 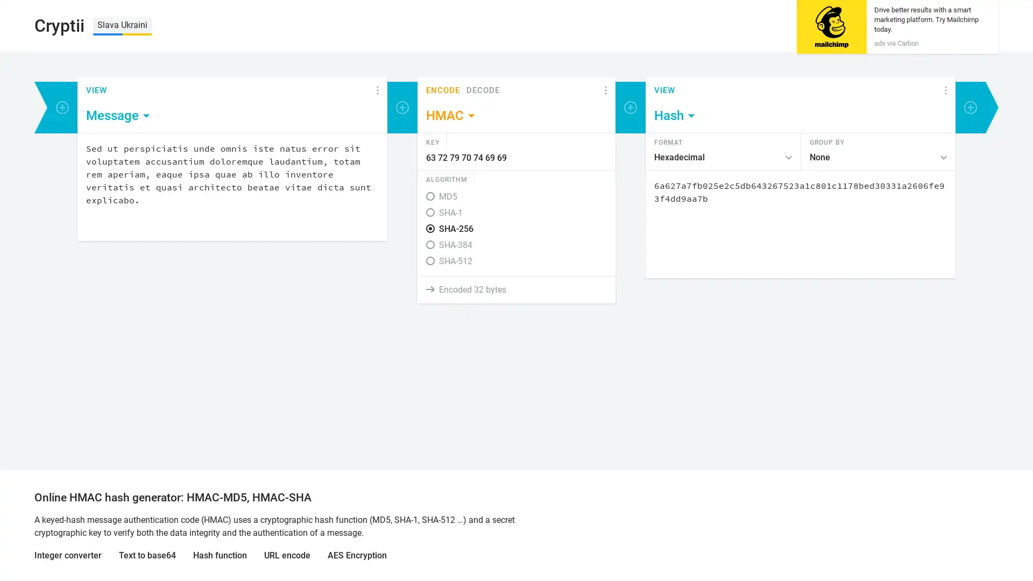 I want to click on HMAC, so click(x=451, y=116).